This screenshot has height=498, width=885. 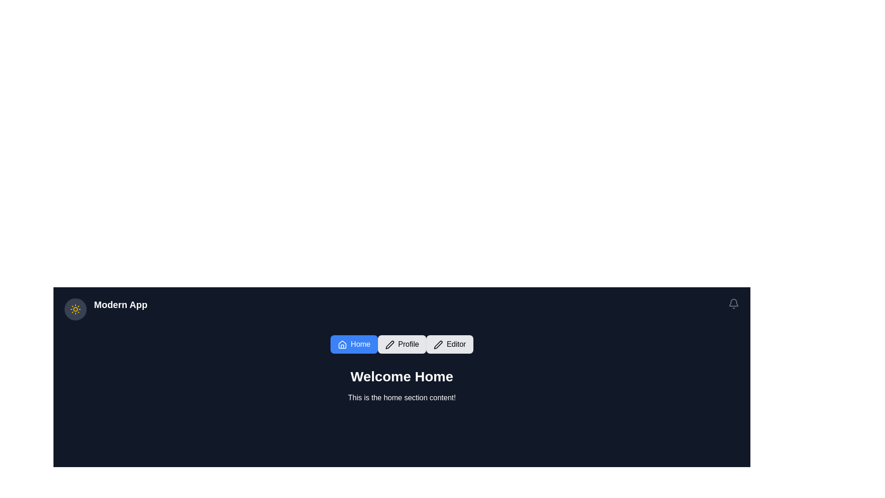 What do you see at coordinates (354, 344) in the screenshot?
I see `the 'Home' button, which is styled with rounded corners, a blue background, and white text` at bounding box center [354, 344].